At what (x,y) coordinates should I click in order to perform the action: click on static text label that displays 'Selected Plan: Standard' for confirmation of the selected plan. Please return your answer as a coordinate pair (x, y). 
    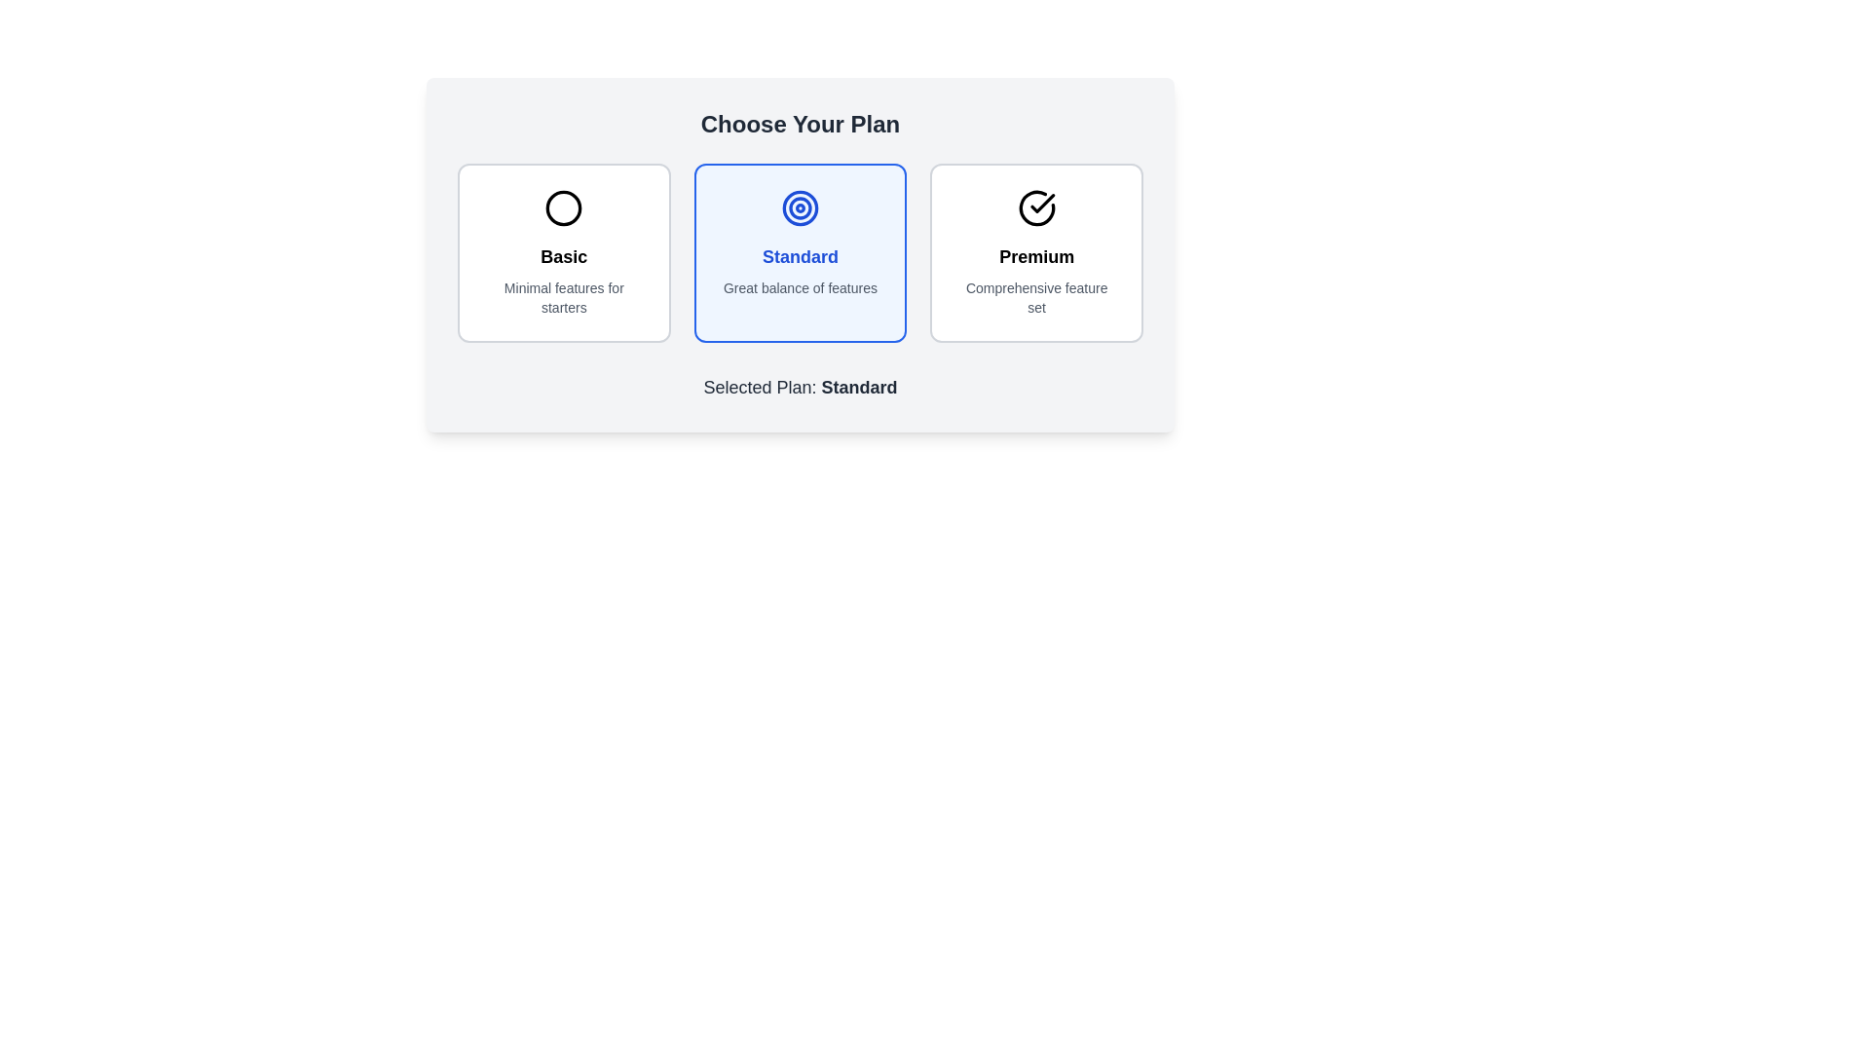
    Looking at the image, I should click on (800, 387).